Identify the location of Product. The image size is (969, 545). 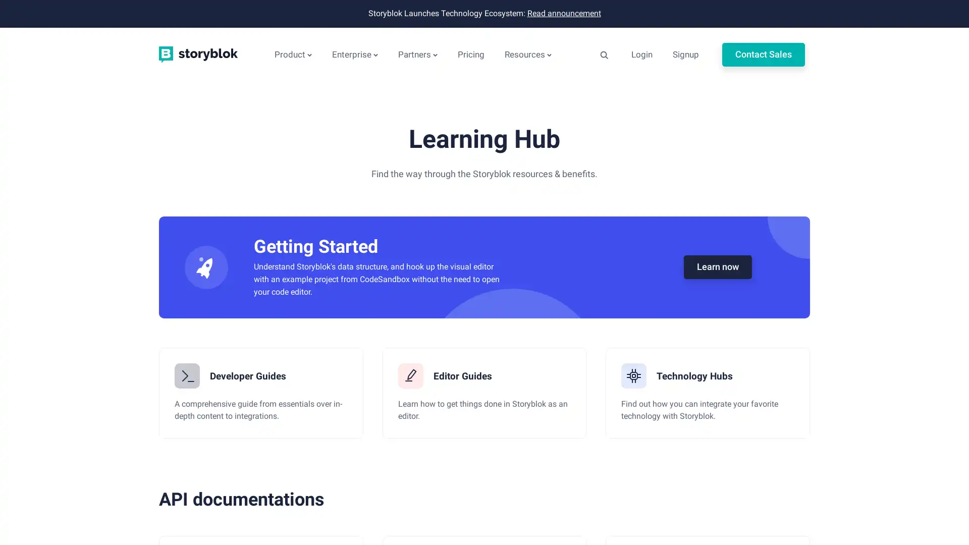
(292, 54).